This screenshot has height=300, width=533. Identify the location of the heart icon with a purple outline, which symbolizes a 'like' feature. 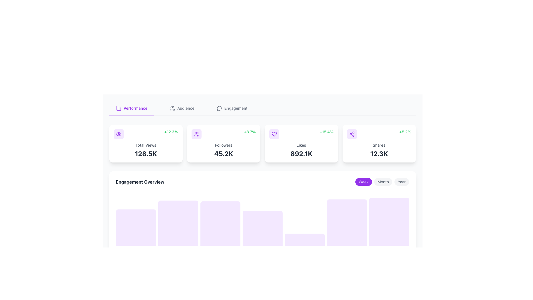
(274, 134).